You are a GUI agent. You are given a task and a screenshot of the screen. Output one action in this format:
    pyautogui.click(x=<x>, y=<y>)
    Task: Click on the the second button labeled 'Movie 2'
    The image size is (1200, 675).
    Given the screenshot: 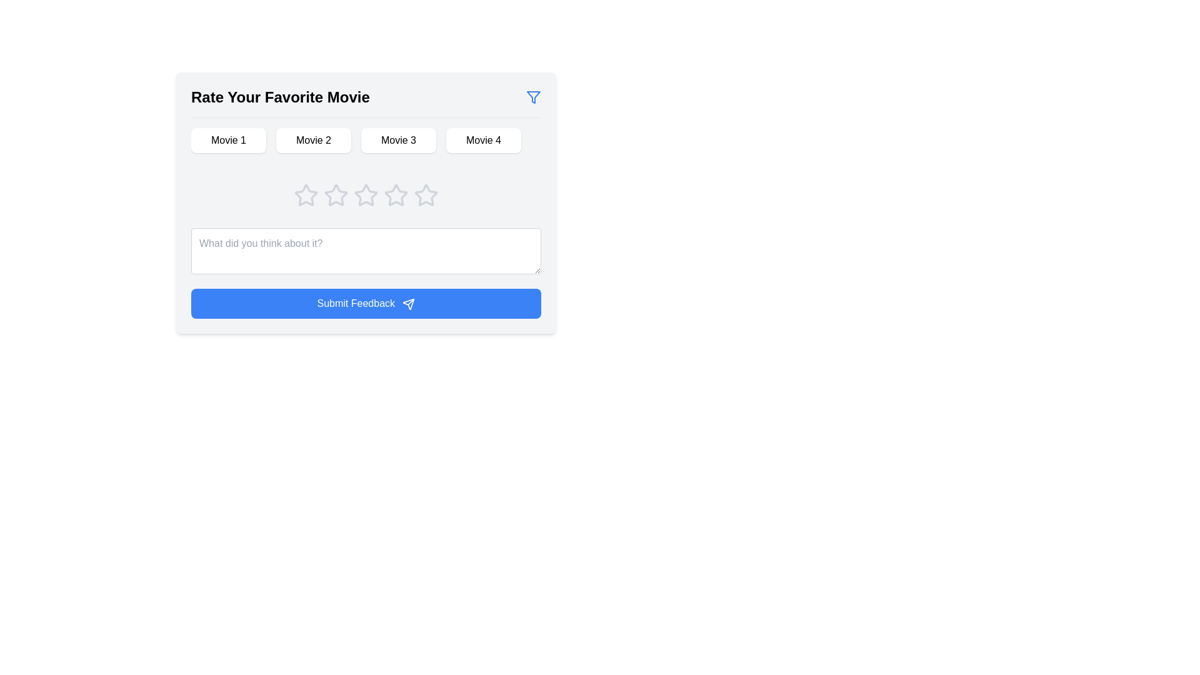 What is the action you would take?
    pyautogui.click(x=314, y=140)
    